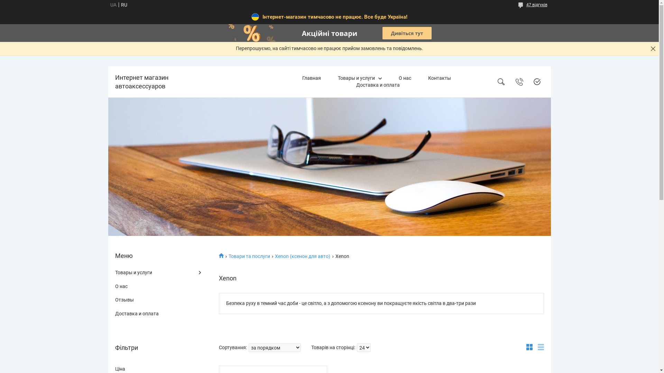  What do you see at coordinates (118, 5) in the screenshot?
I see `'RU'` at bounding box center [118, 5].